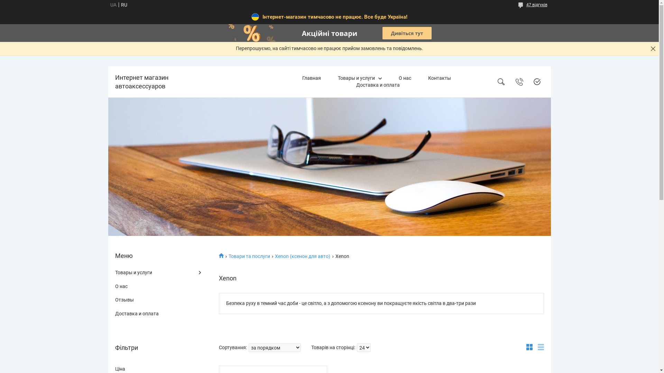  What do you see at coordinates (118, 5) in the screenshot?
I see `'RU'` at bounding box center [118, 5].